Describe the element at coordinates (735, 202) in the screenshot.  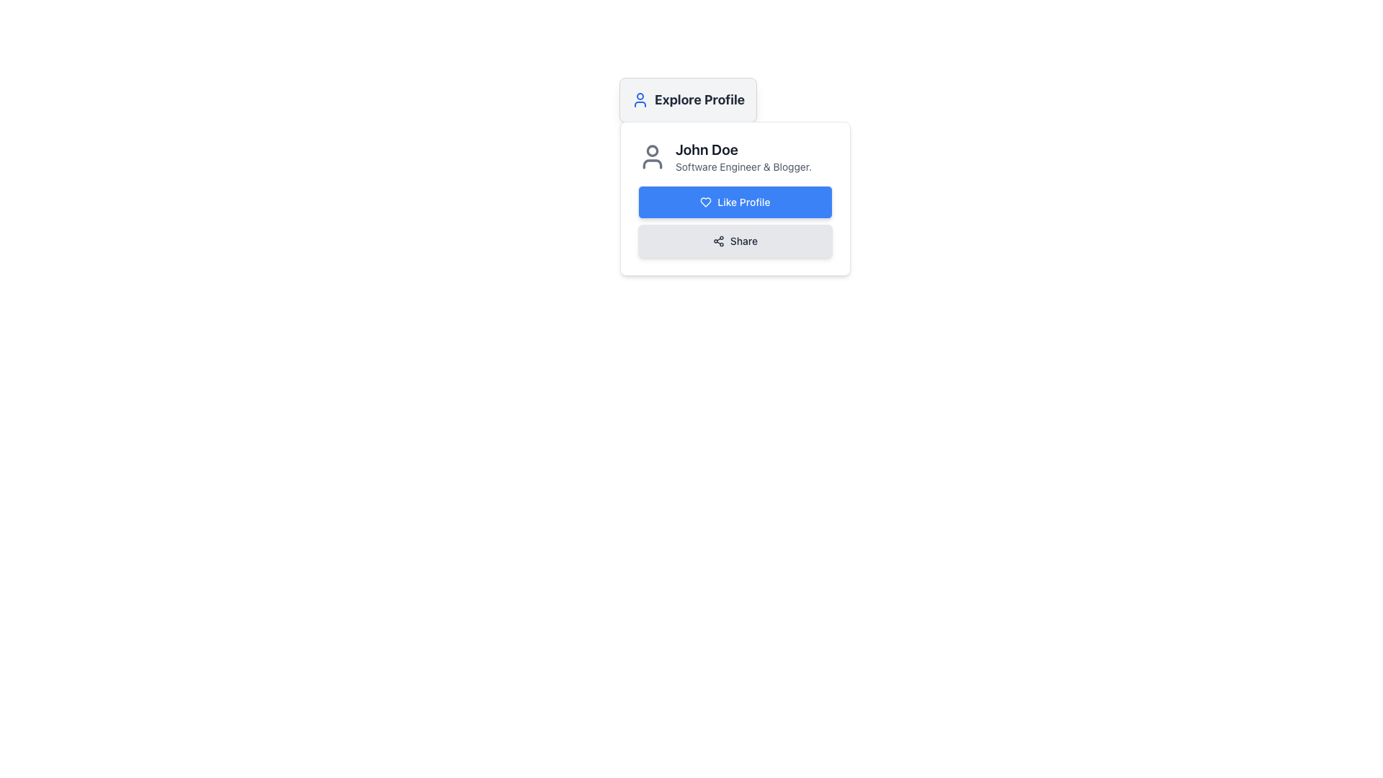
I see `the first button in the vertical stack to like the profile, which is located above the 'Share' button and below the user information` at that location.